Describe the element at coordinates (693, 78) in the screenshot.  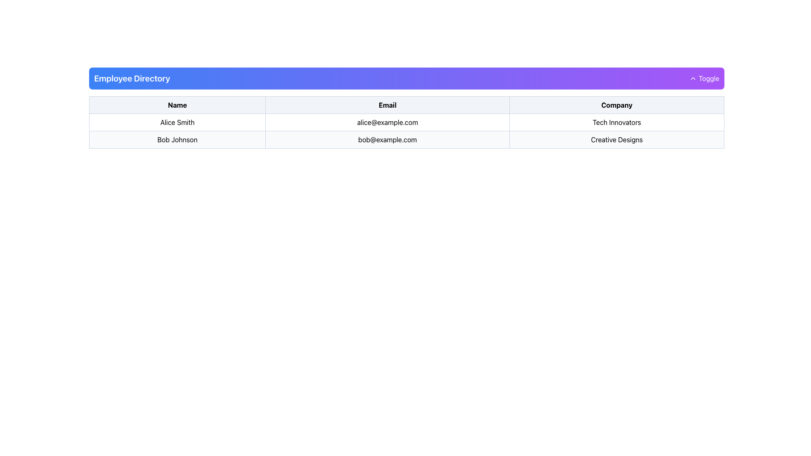
I see `the toggle icon located to the left of the 'Toggle' text in the top-right section of the purple header bar` at that location.